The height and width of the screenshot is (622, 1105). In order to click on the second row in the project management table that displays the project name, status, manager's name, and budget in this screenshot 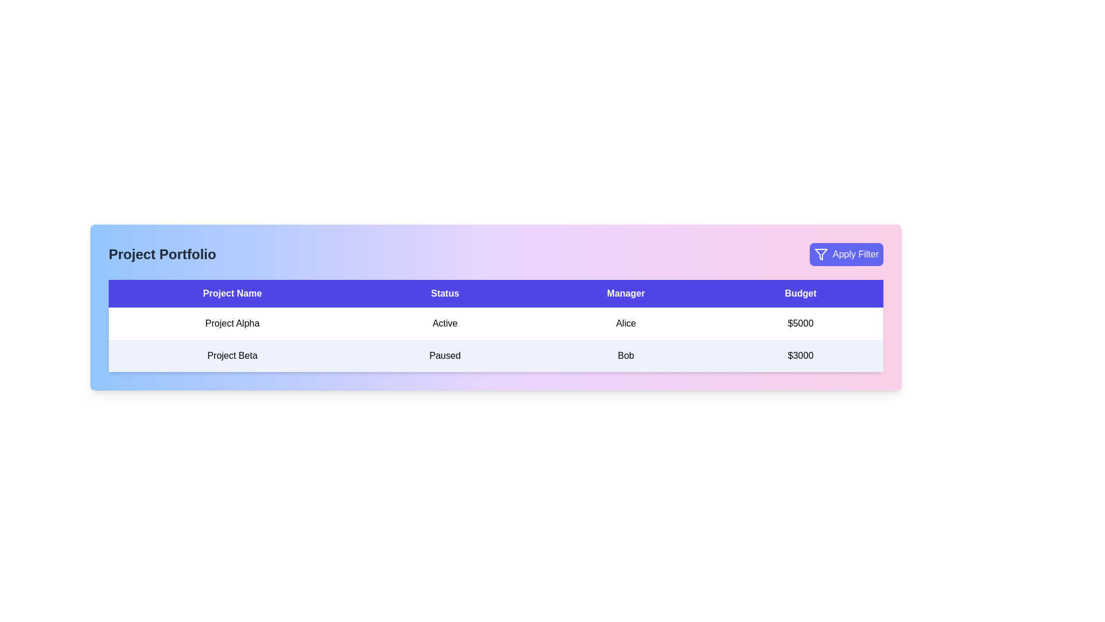, I will do `click(496, 355)`.